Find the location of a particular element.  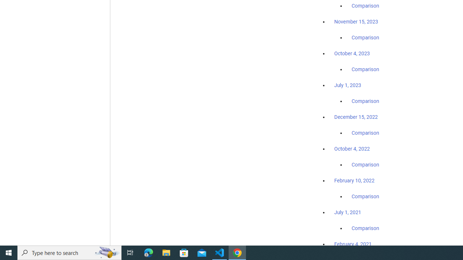

'July 1, 2021' is located at coordinates (348, 212).